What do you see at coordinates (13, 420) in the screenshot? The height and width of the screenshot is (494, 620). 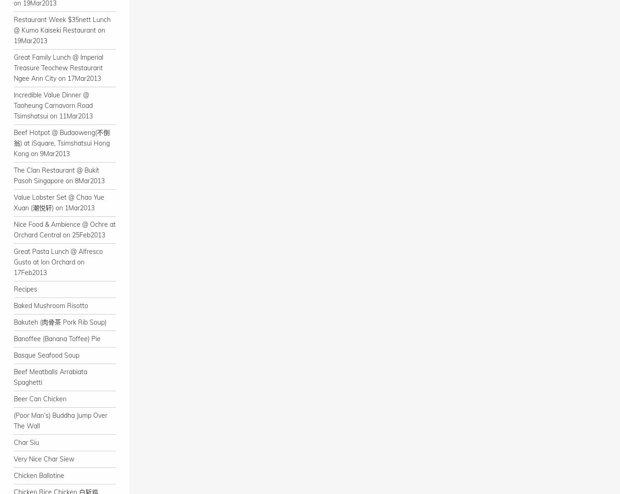 I see `'(Poor Man’s) Buddha Jump Over The Wall'` at bounding box center [13, 420].